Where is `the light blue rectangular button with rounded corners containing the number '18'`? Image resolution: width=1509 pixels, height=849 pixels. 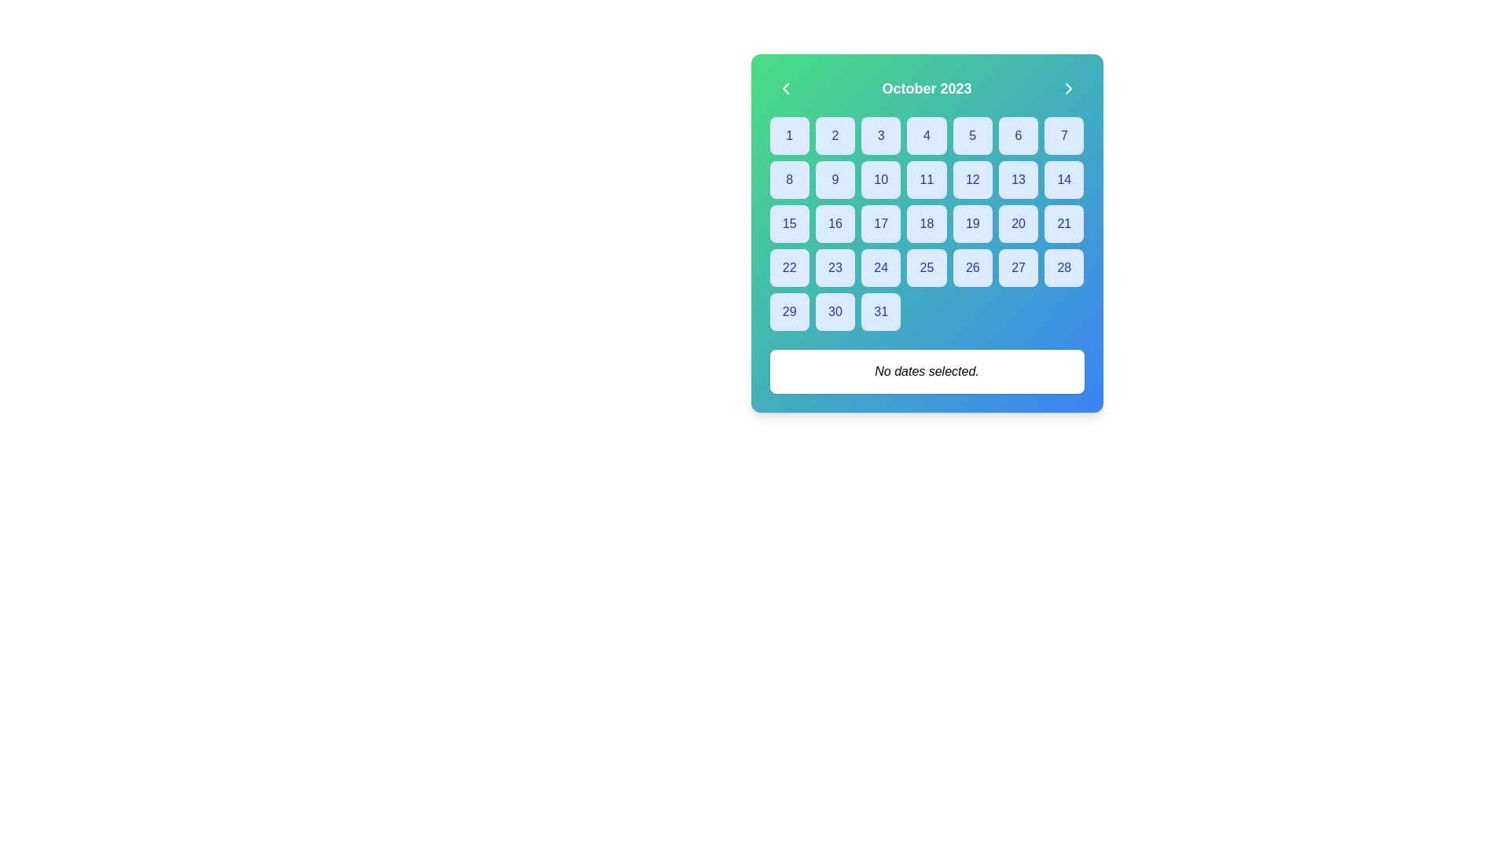 the light blue rectangular button with rounded corners containing the number '18' is located at coordinates (927, 224).